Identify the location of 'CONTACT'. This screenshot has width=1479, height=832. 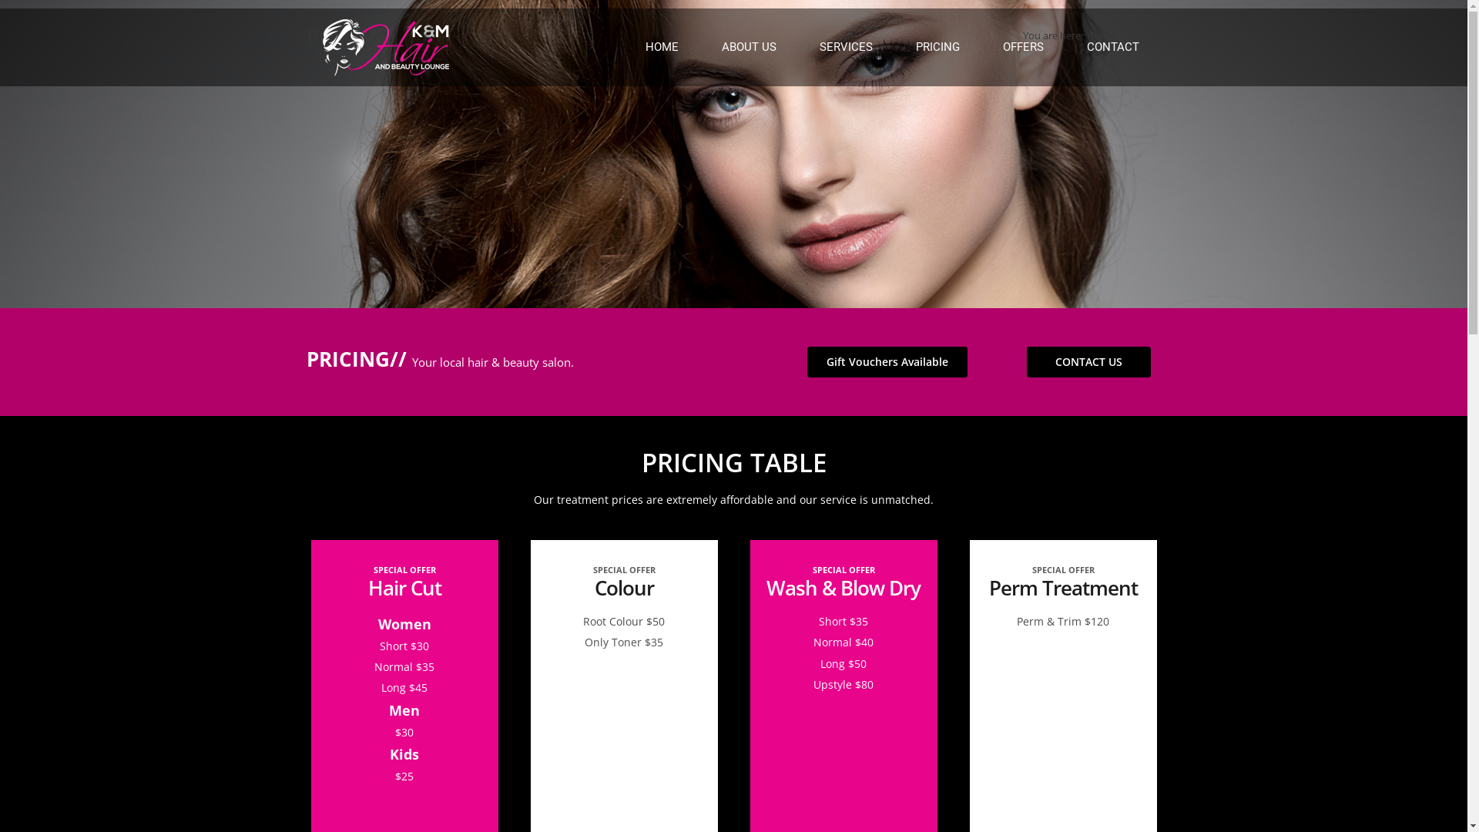
(1112, 46).